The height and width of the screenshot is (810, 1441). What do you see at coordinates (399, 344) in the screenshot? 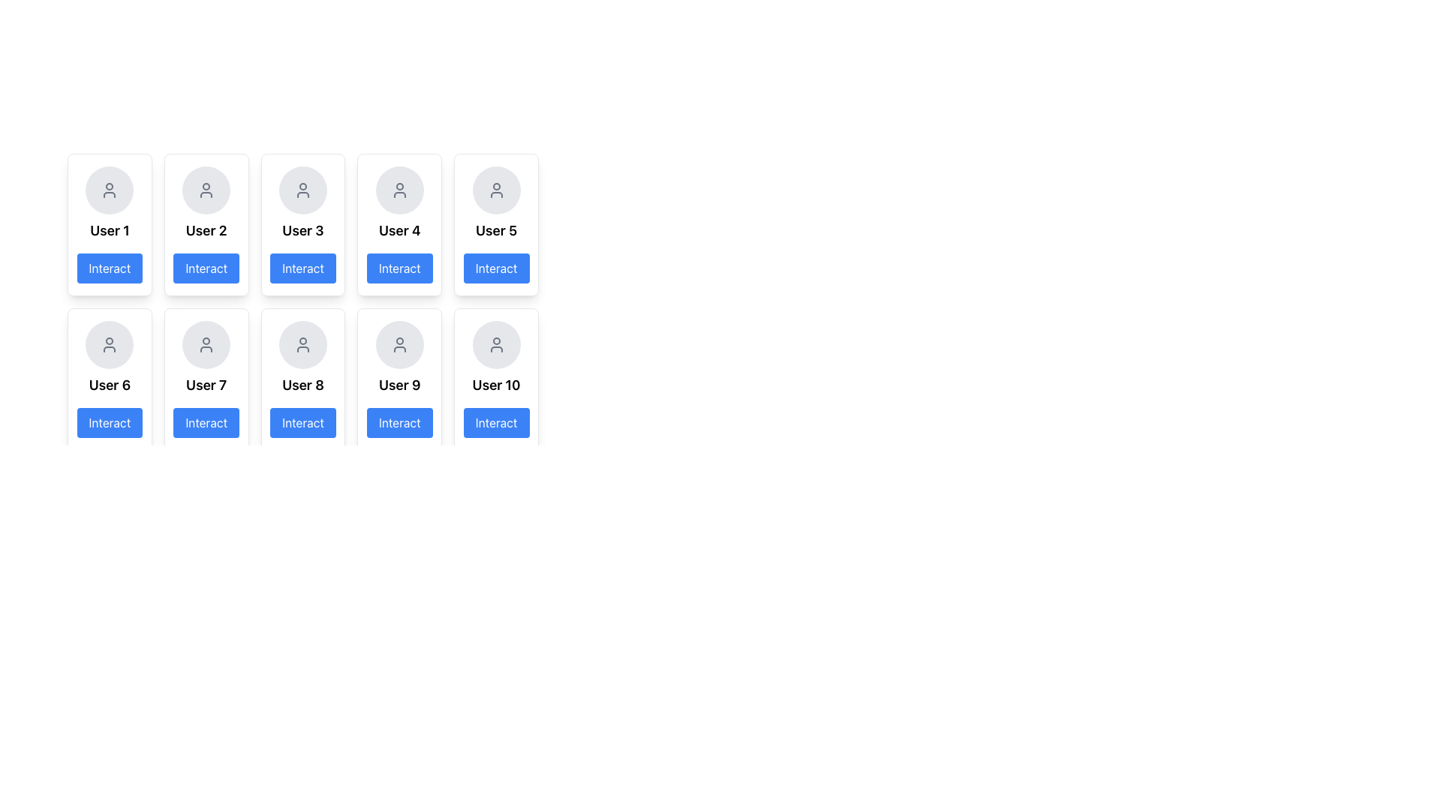
I see `the User profile icon located in the card labeled 'User 9' in the second row, fifth column of the grid layout` at bounding box center [399, 344].